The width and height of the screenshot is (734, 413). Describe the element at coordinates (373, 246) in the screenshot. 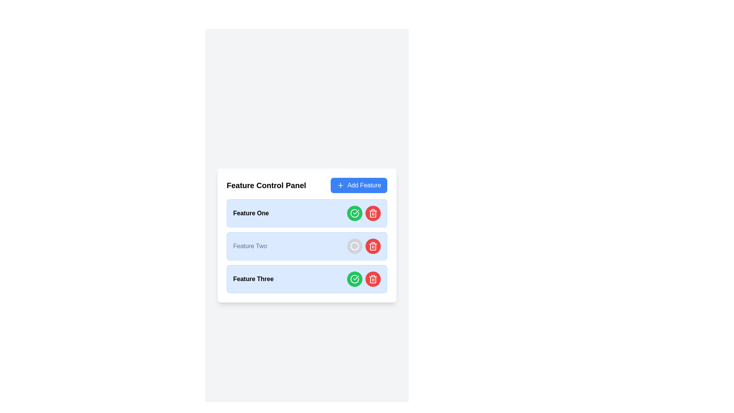

I see `the circular red button with a white trash bin icon next to 'Feature Two' to trigger additional visual feedback` at that location.